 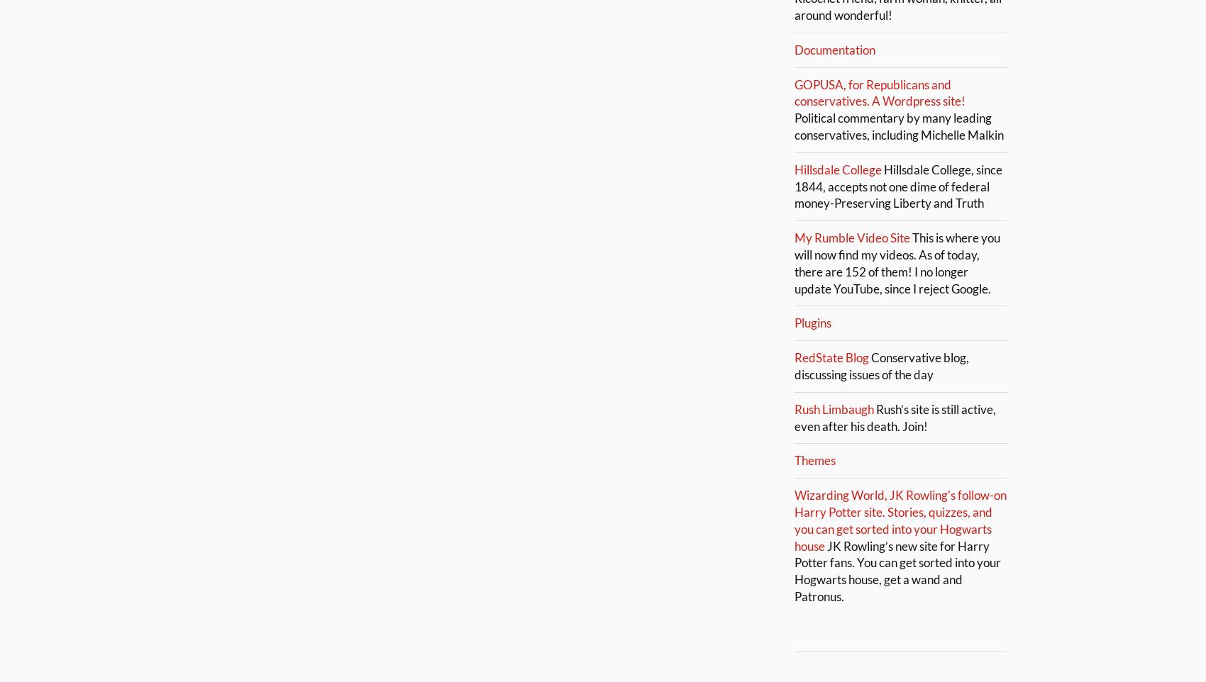 I want to click on 'Wizarding World, JK Rowling's follow-on Harry Potter site. Stories, quizzes, and you can get sorted into your Hogwarts house', so click(x=900, y=520).